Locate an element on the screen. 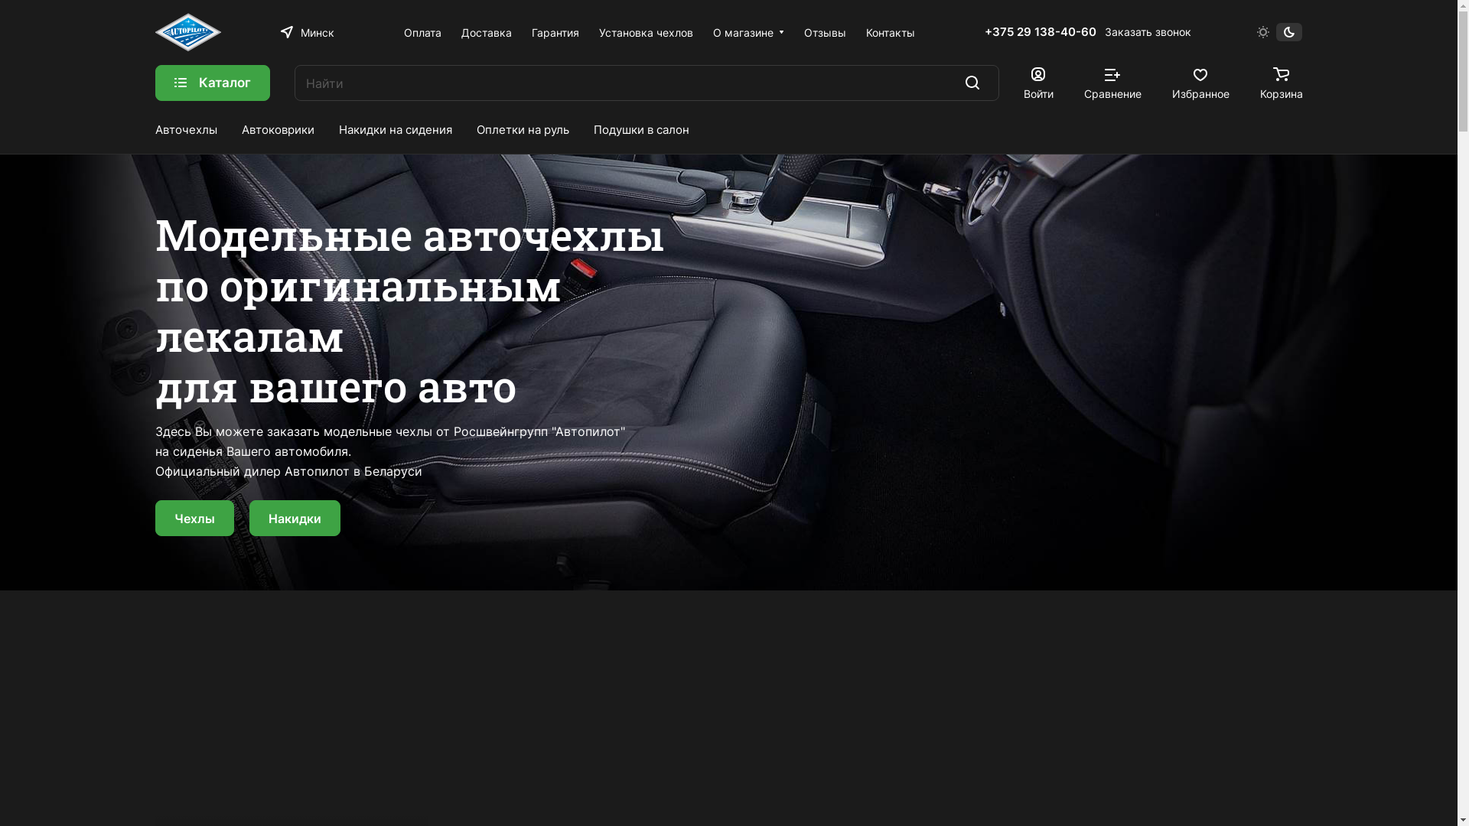 Image resolution: width=1469 pixels, height=826 pixels. '+375 29 138-40-60' is located at coordinates (1040, 32).